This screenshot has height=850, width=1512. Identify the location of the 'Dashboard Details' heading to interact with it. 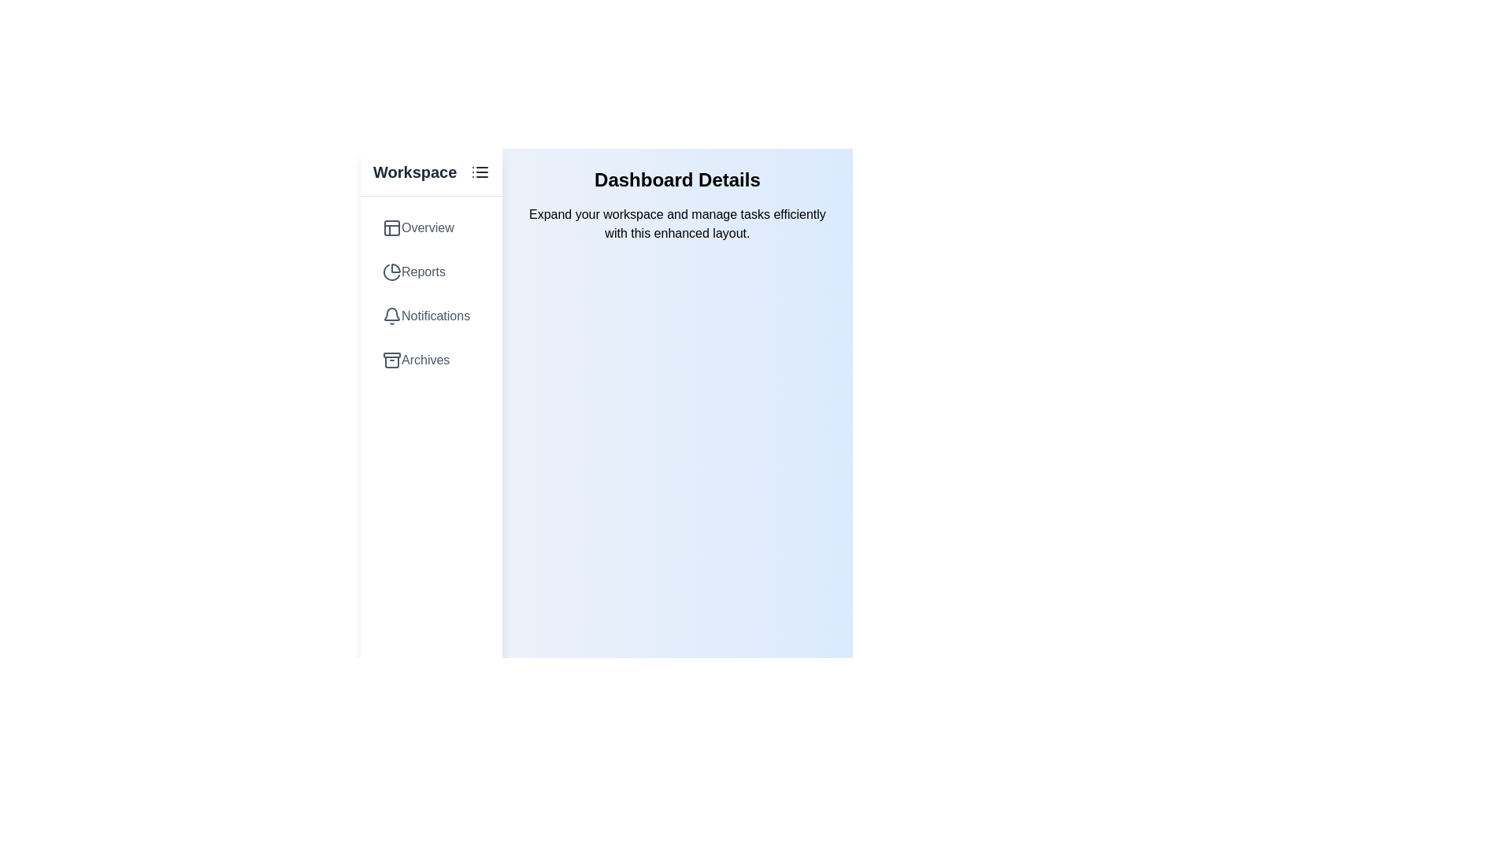
(676, 179).